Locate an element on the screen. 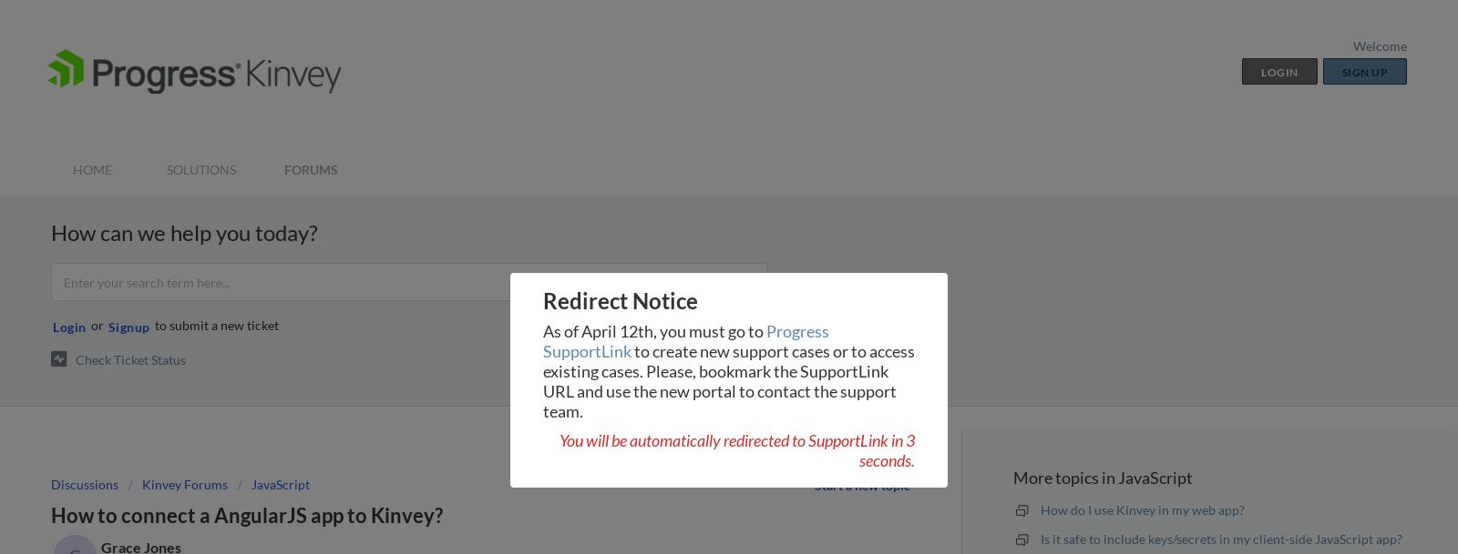  '3' is located at coordinates (909, 438).